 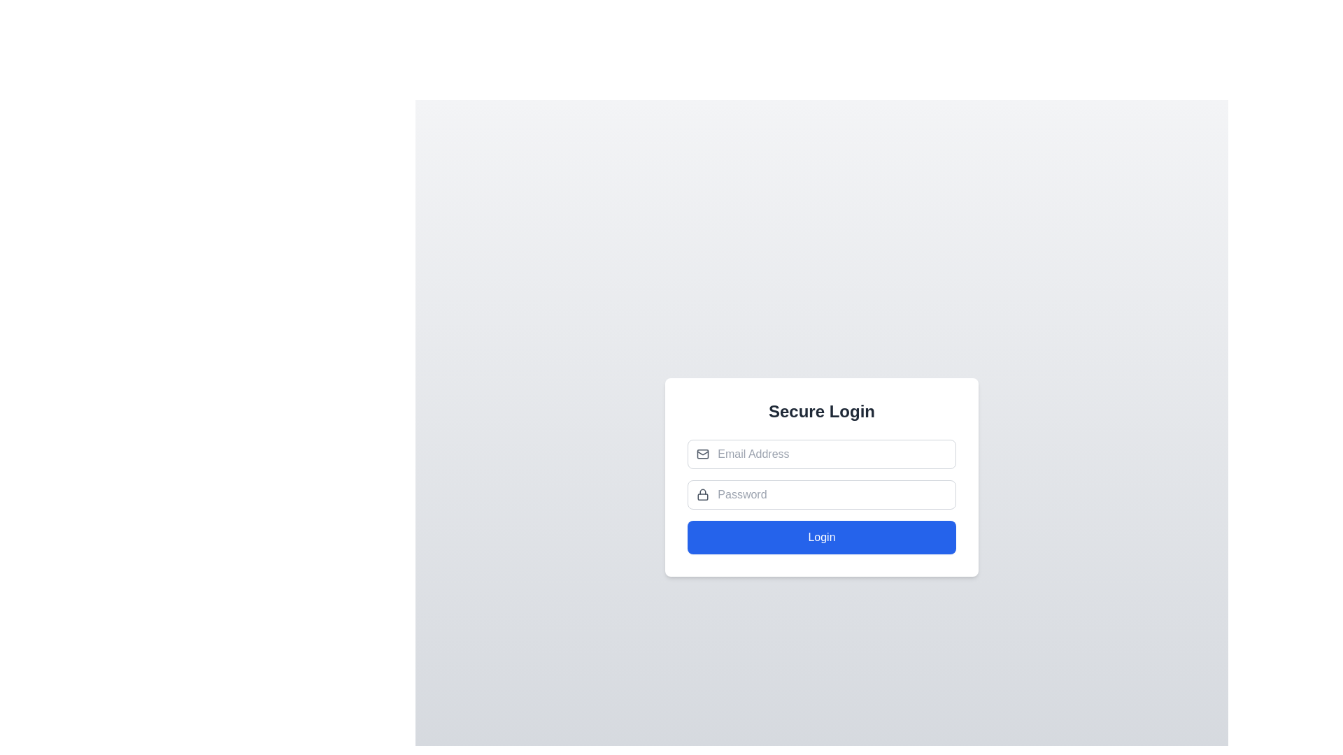 What do you see at coordinates (822, 411) in the screenshot?
I see `the text label 'Secure Login' which is styled as a heading with bold typography and centered alignment, located above the input fields and 'Login' button` at bounding box center [822, 411].